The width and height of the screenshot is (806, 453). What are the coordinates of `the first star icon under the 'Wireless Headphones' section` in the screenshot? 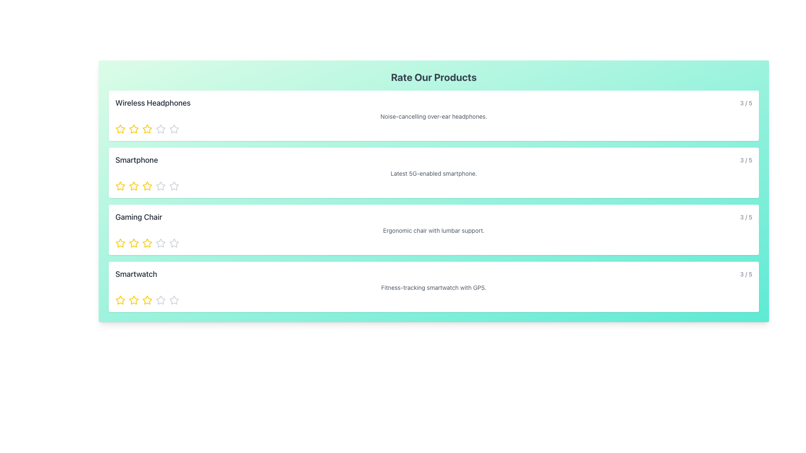 It's located at (120, 129).